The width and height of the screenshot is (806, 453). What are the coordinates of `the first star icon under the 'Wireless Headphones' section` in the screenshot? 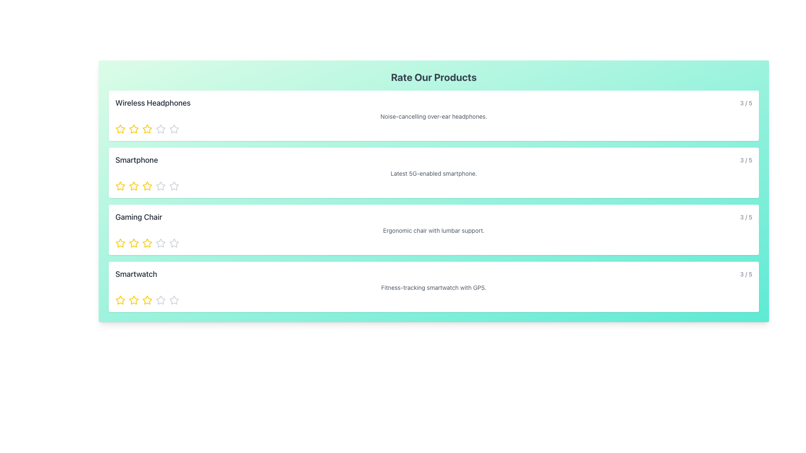 It's located at (120, 129).